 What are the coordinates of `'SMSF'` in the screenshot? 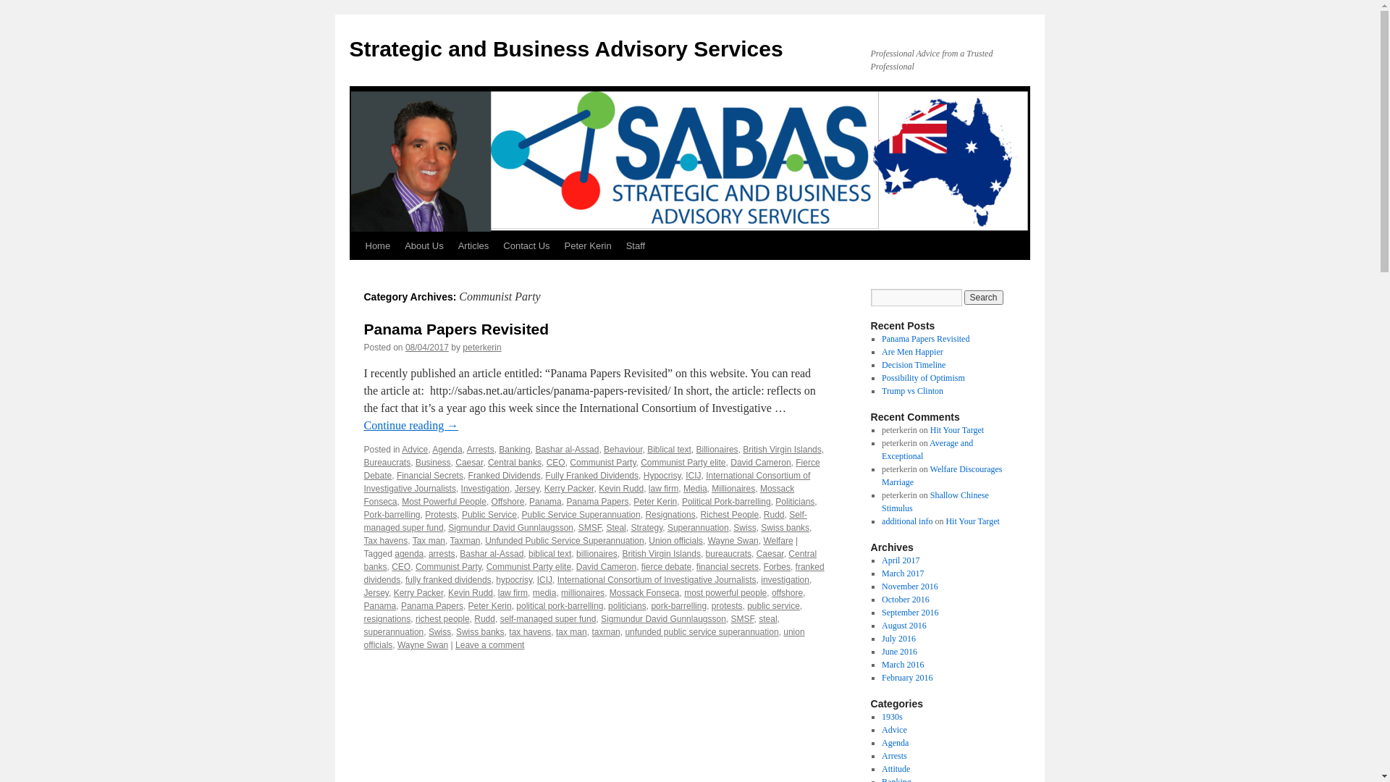 It's located at (743, 619).